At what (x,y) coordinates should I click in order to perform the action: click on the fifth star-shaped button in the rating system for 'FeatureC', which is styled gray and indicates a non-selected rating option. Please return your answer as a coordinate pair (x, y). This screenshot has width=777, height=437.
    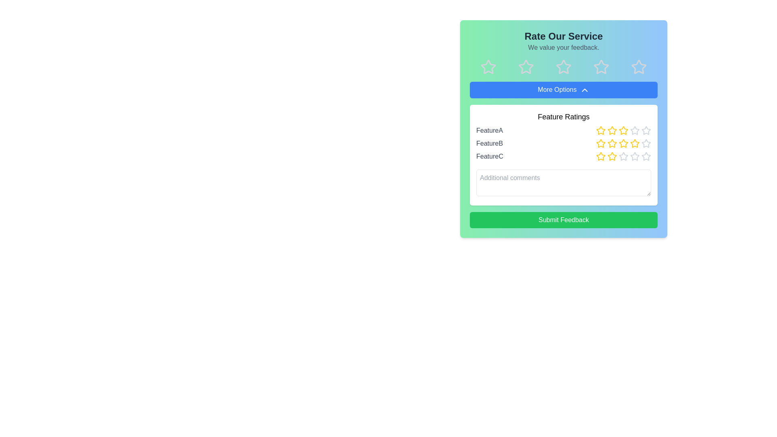
    Looking at the image, I should click on (646, 156).